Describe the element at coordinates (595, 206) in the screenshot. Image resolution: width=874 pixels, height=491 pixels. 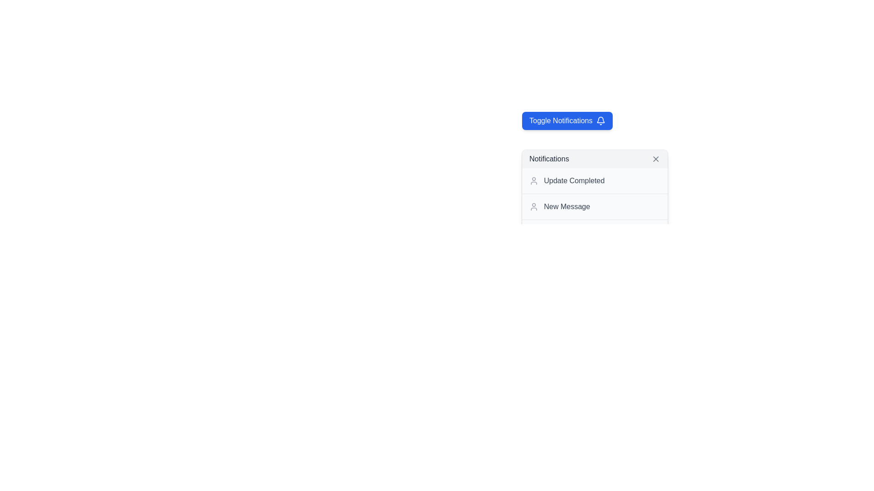
I see `the second clickable notification item in the dropdown list` at that location.